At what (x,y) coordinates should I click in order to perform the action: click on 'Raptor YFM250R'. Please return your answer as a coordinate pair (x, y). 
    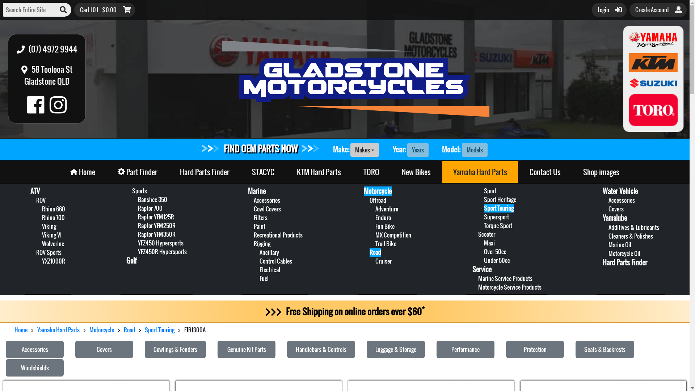
    Looking at the image, I should click on (156, 225).